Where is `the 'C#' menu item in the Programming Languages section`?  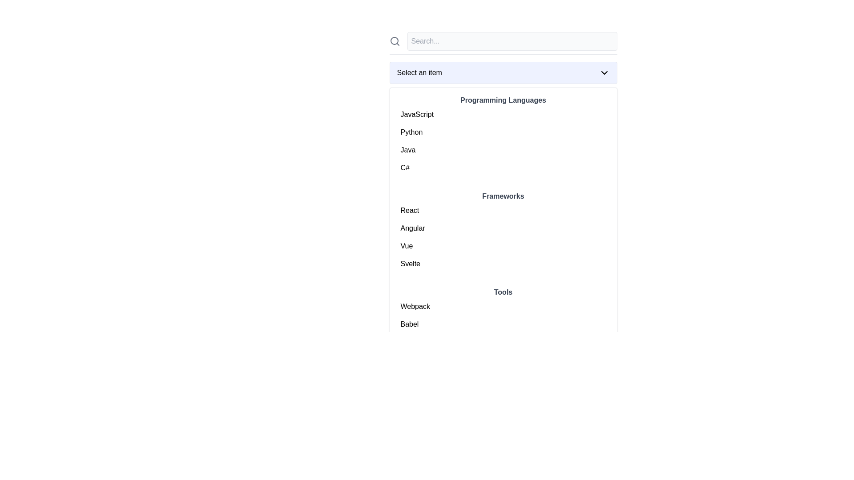
the 'C#' menu item in the Programming Languages section is located at coordinates (503, 168).